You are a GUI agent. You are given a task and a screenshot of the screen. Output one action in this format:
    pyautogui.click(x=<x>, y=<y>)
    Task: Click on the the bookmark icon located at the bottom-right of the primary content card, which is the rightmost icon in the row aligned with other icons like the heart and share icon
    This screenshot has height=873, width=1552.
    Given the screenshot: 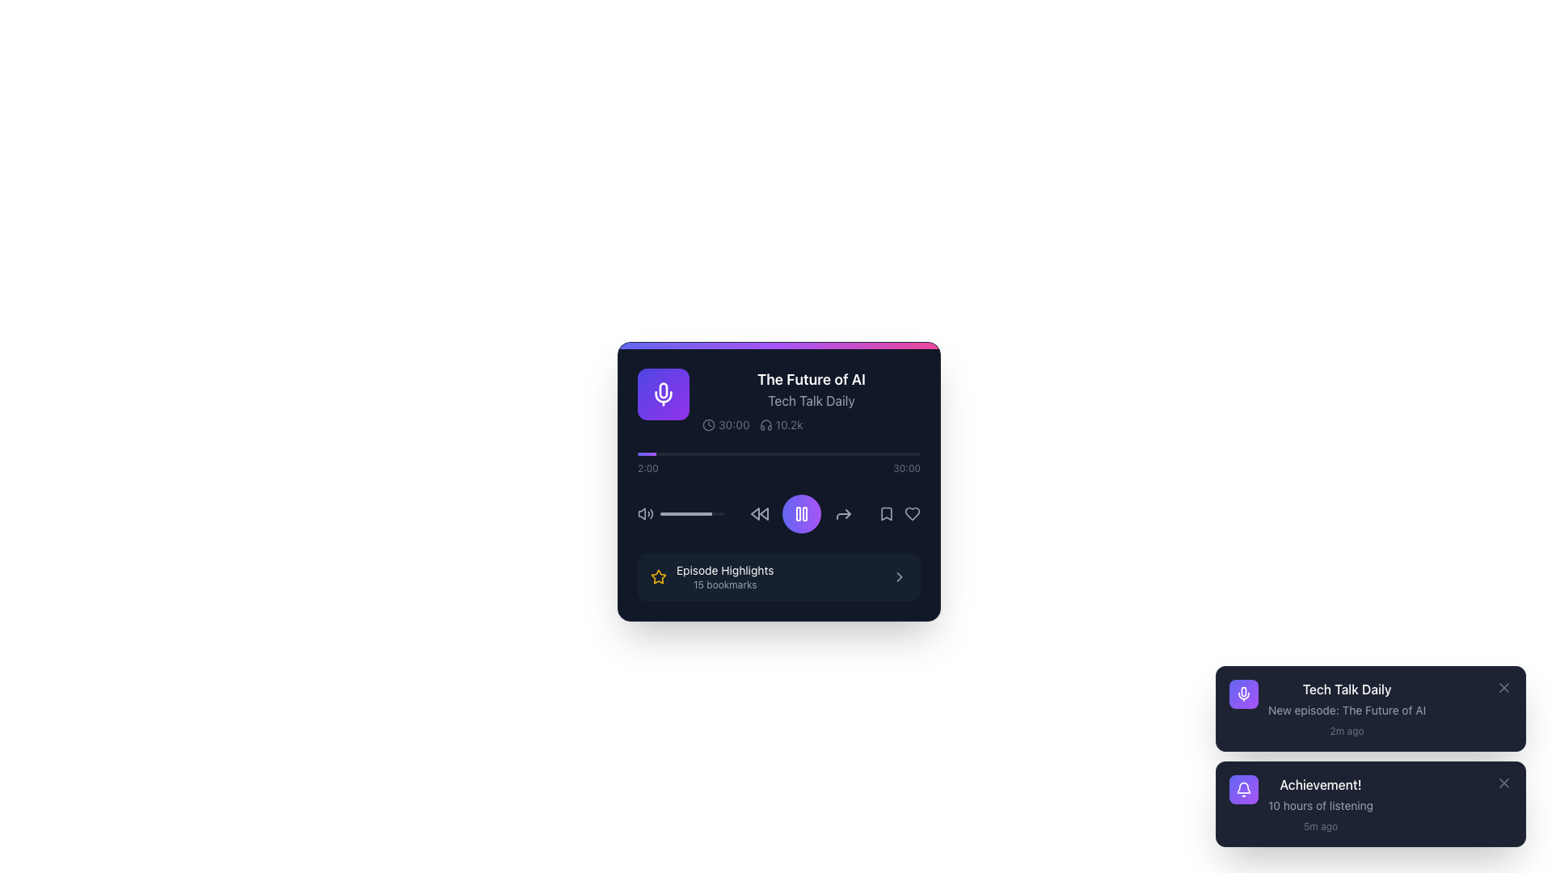 What is the action you would take?
    pyautogui.click(x=886, y=514)
    